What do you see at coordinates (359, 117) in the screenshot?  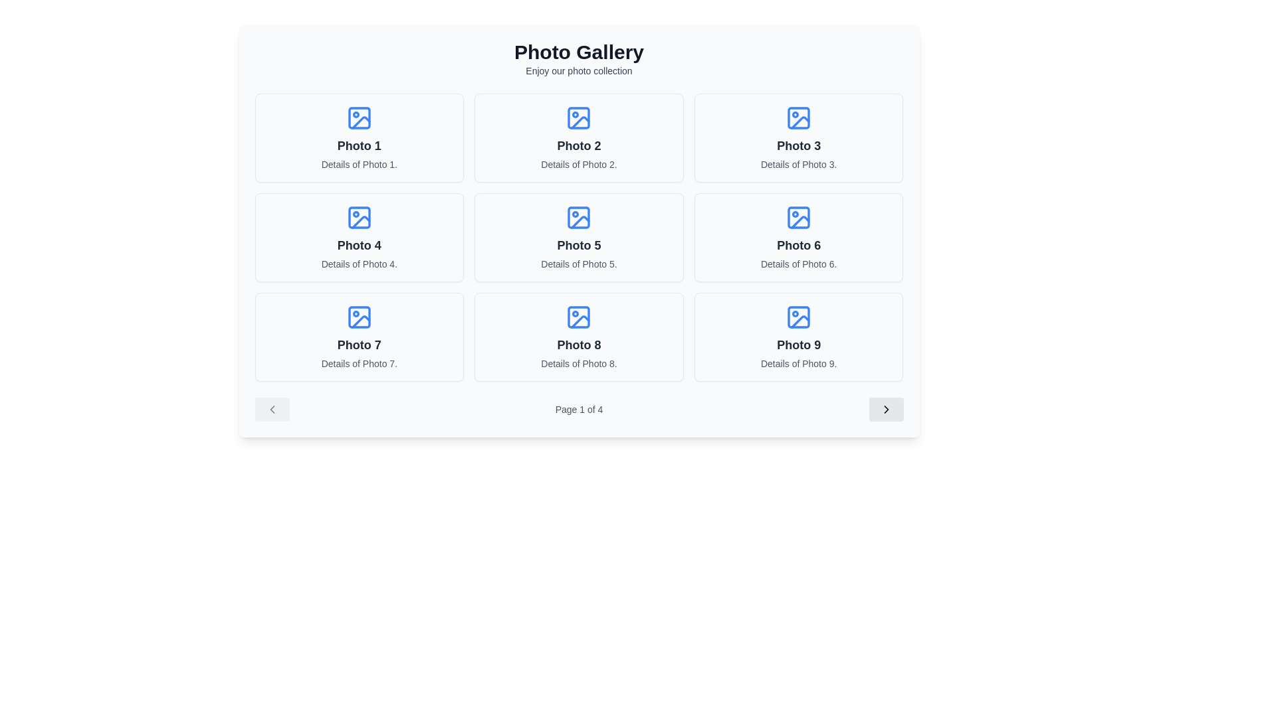 I see `the blue square icon representing an image located in the top-left corner of the grid layout` at bounding box center [359, 117].